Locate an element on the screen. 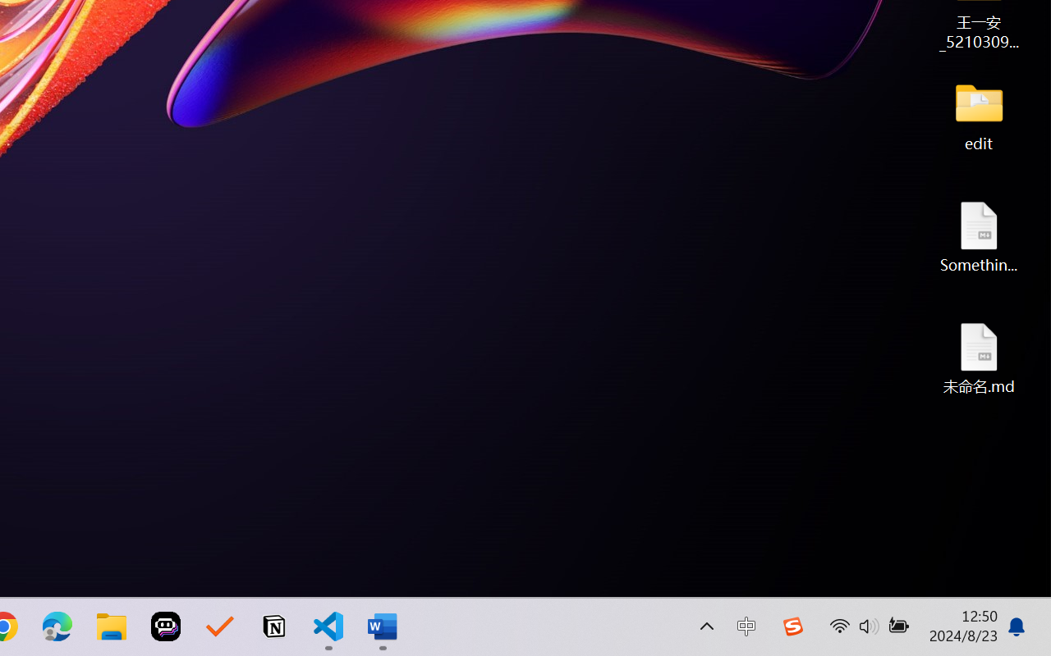 This screenshot has height=656, width=1051. 'Microsoft Edge' is located at coordinates (57, 626).